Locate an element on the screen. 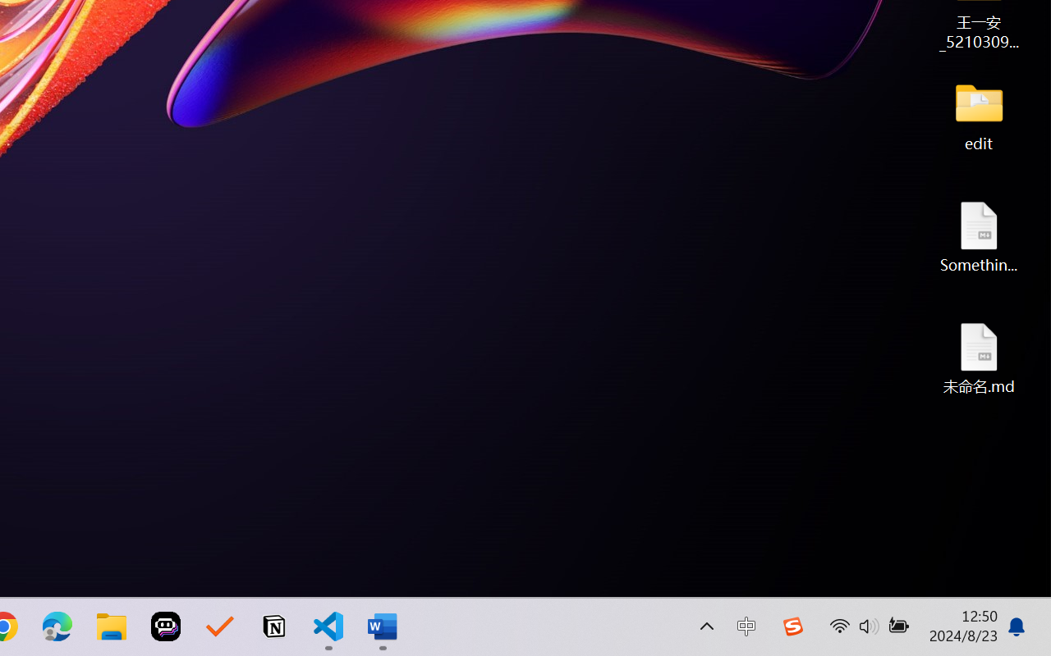 This screenshot has height=656, width=1051. 'Microsoft Edge' is located at coordinates (57, 626).